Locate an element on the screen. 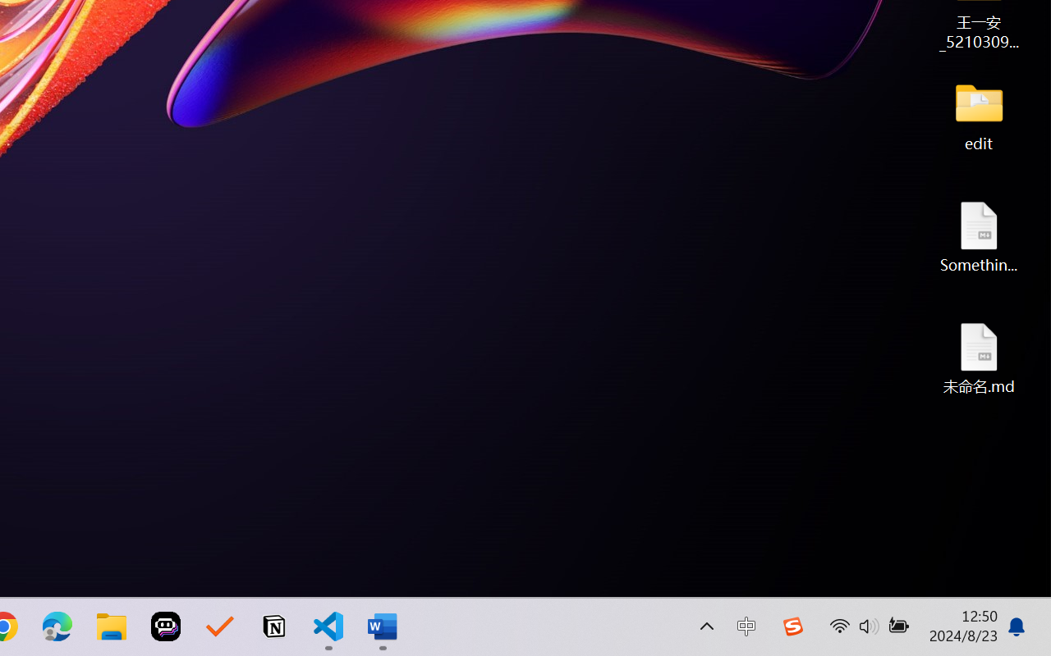 This screenshot has height=656, width=1051. 'Microsoft Edge' is located at coordinates (57, 626).